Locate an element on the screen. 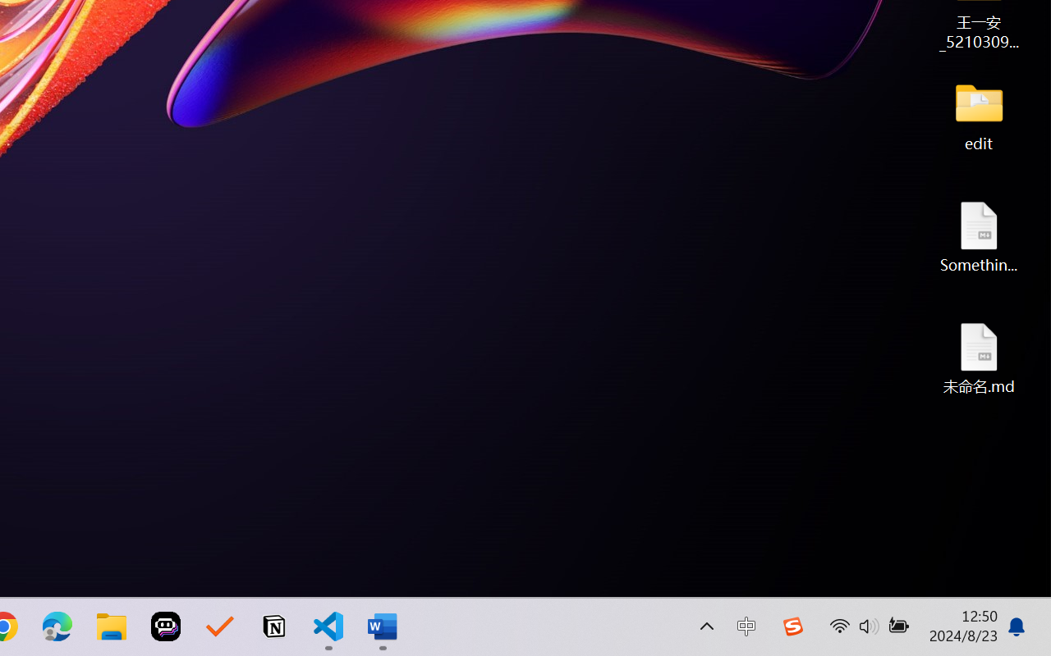 This screenshot has height=656, width=1051. 'Microsoft Edge' is located at coordinates (57, 626).